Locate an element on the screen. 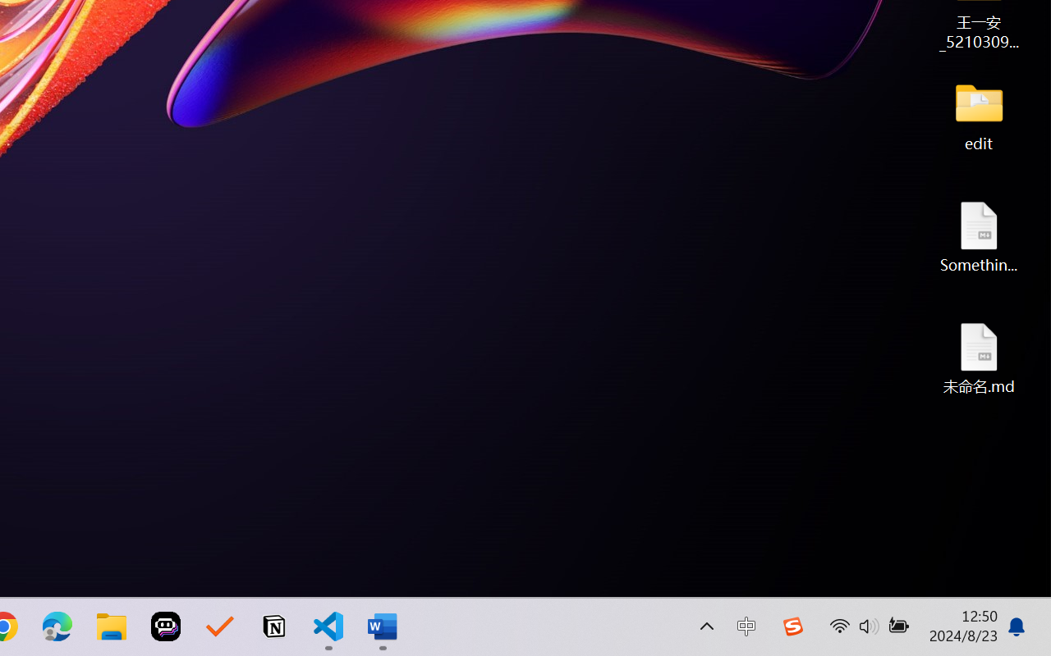 This screenshot has height=656, width=1051. 'Microsoft Edge' is located at coordinates (57, 626).